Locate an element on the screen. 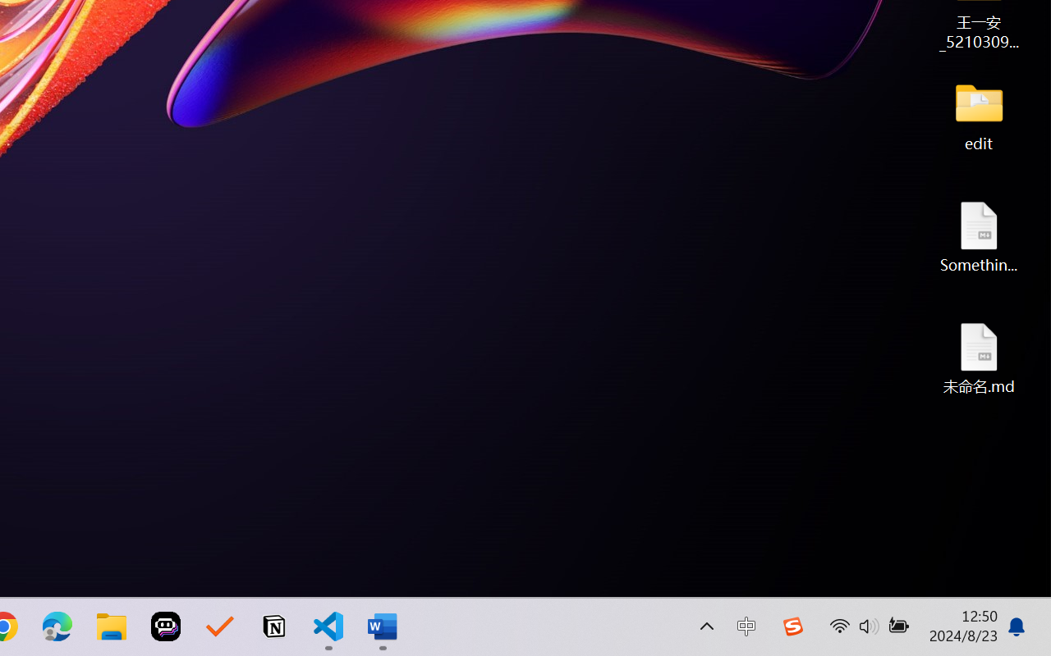 This screenshot has height=656, width=1051. 'Microsoft Edge' is located at coordinates (57, 626).